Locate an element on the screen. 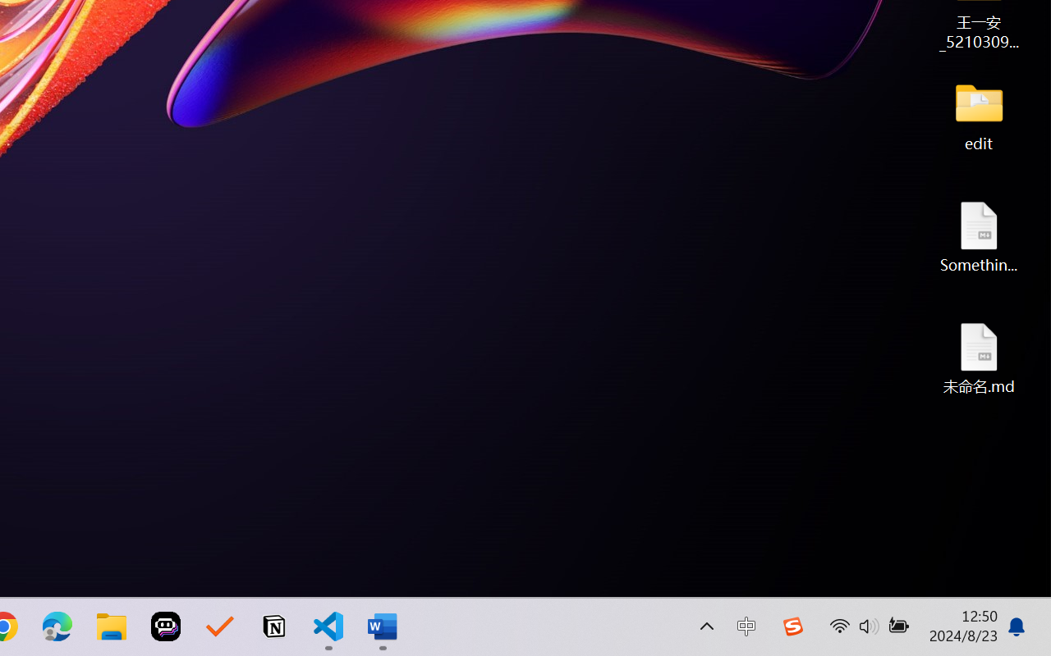 This screenshot has height=656, width=1051. 'Microsoft Edge' is located at coordinates (57, 626).